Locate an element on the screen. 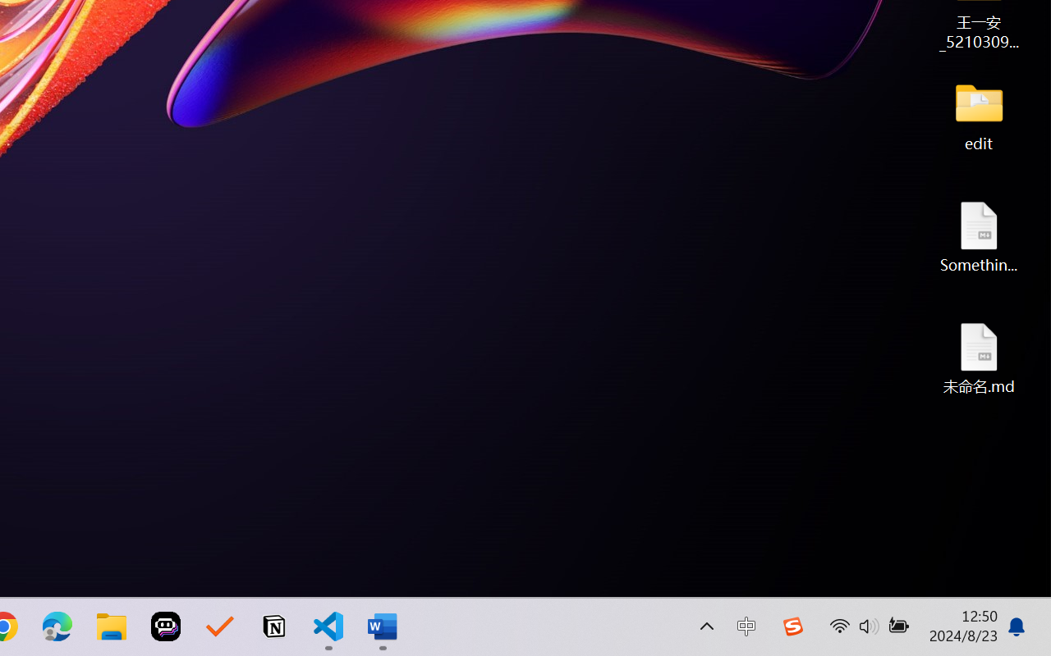 This screenshot has height=656, width=1051. 'Microsoft Edge' is located at coordinates (57, 626).